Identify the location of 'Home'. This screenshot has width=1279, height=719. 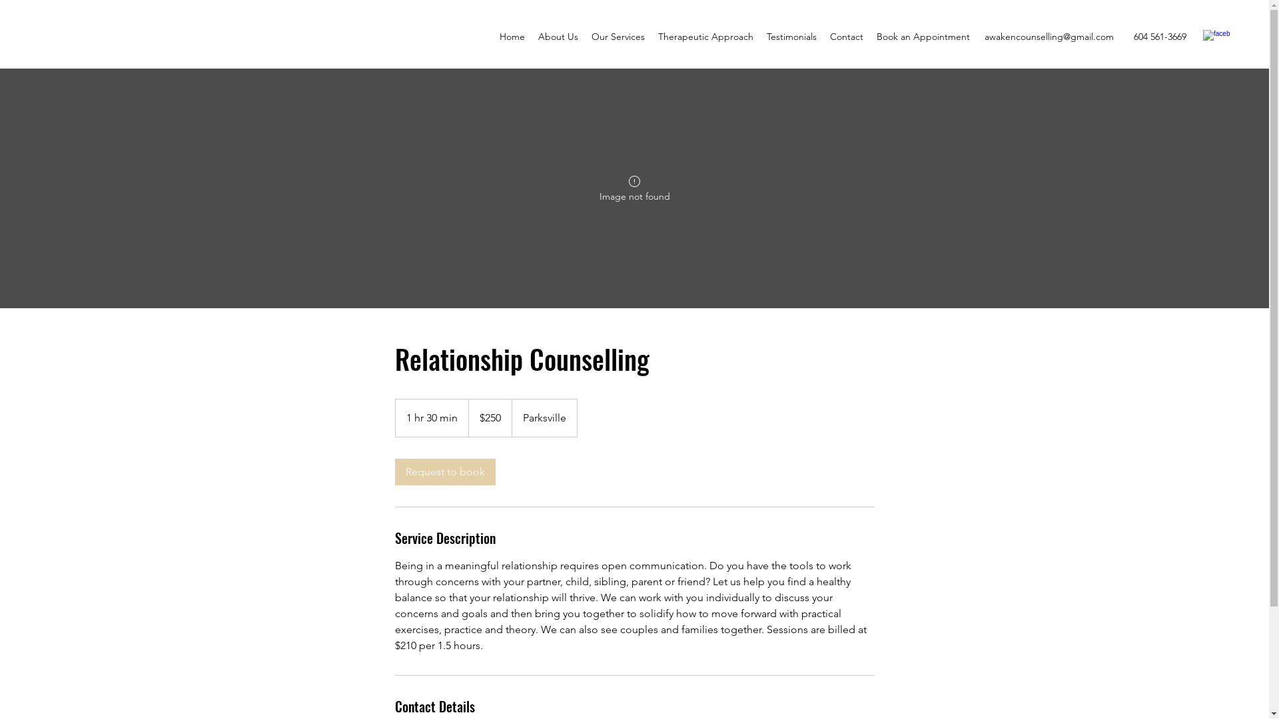
(511, 35).